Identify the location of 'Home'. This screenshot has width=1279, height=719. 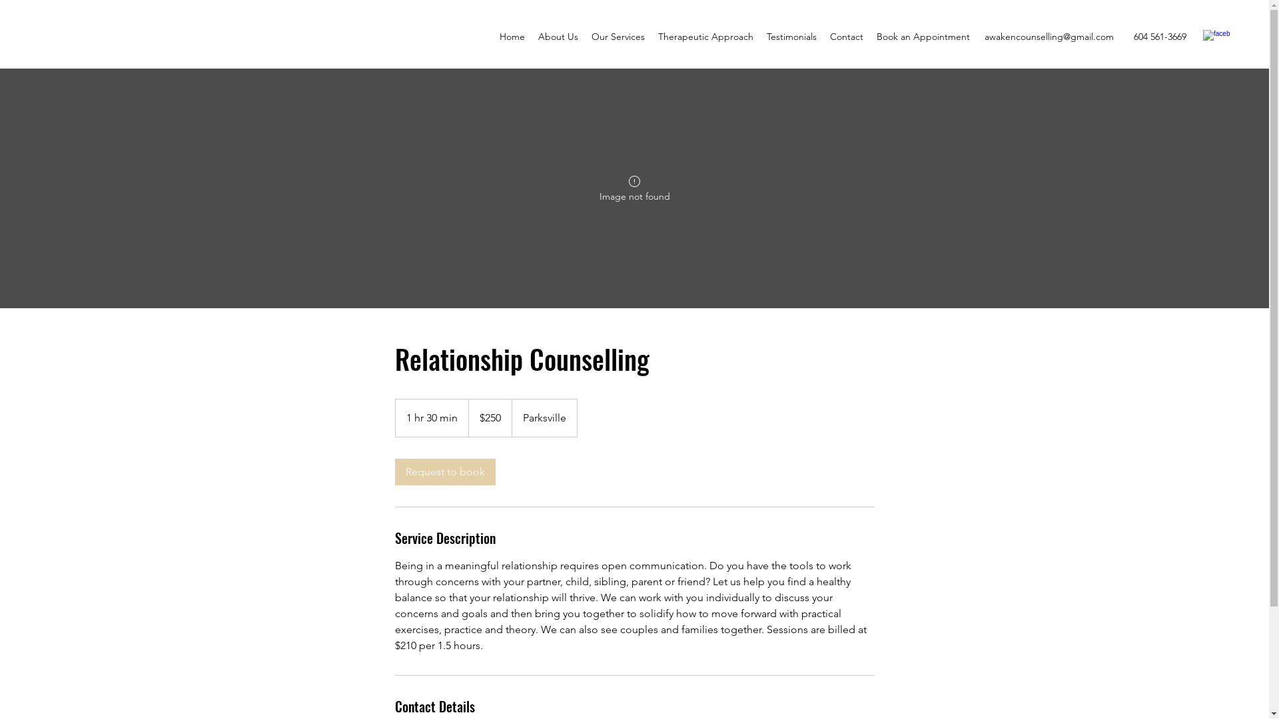
(511, 35).